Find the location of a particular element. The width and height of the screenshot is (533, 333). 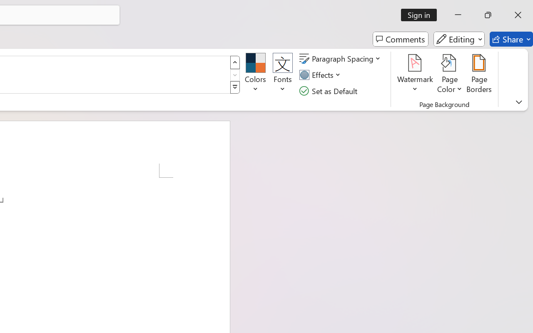

'Sign in' is located at coordinates (422, 15).